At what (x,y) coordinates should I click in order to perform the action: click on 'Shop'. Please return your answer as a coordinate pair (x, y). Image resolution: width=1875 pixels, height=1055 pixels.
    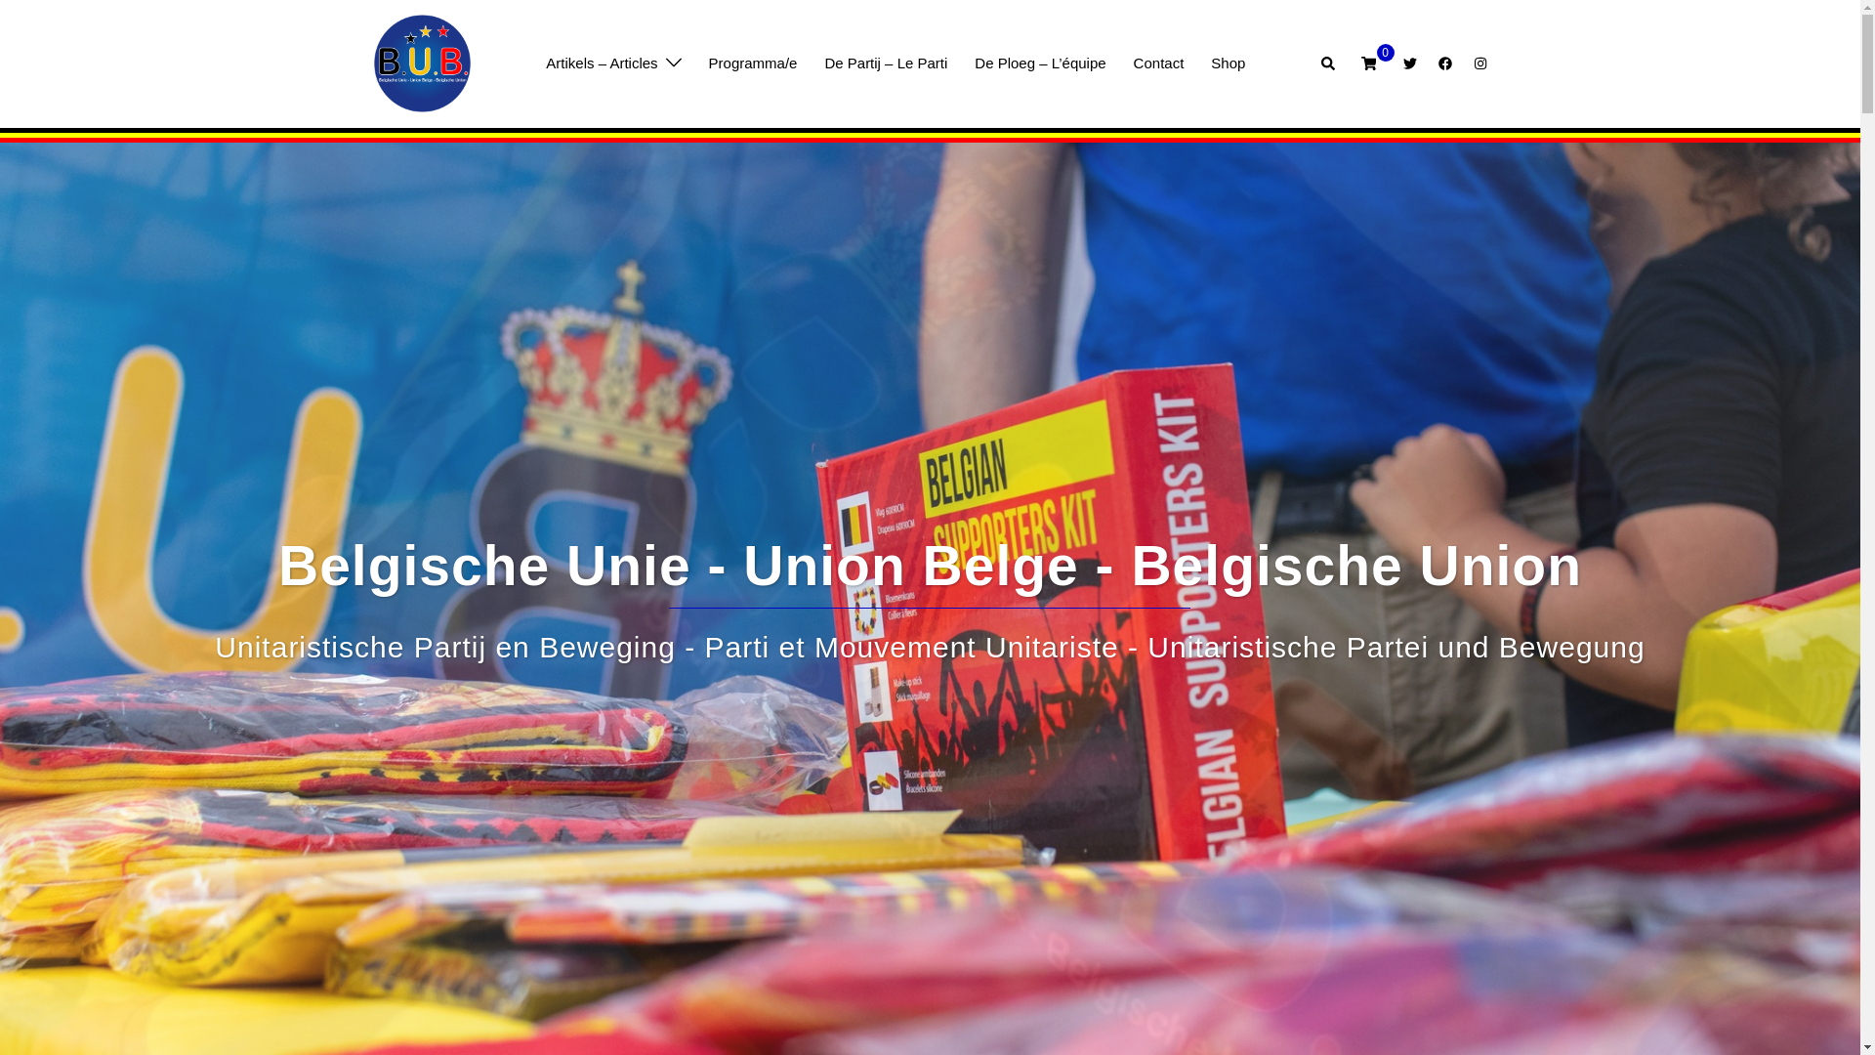
    Looking at the image, I should click on (1209, 62).